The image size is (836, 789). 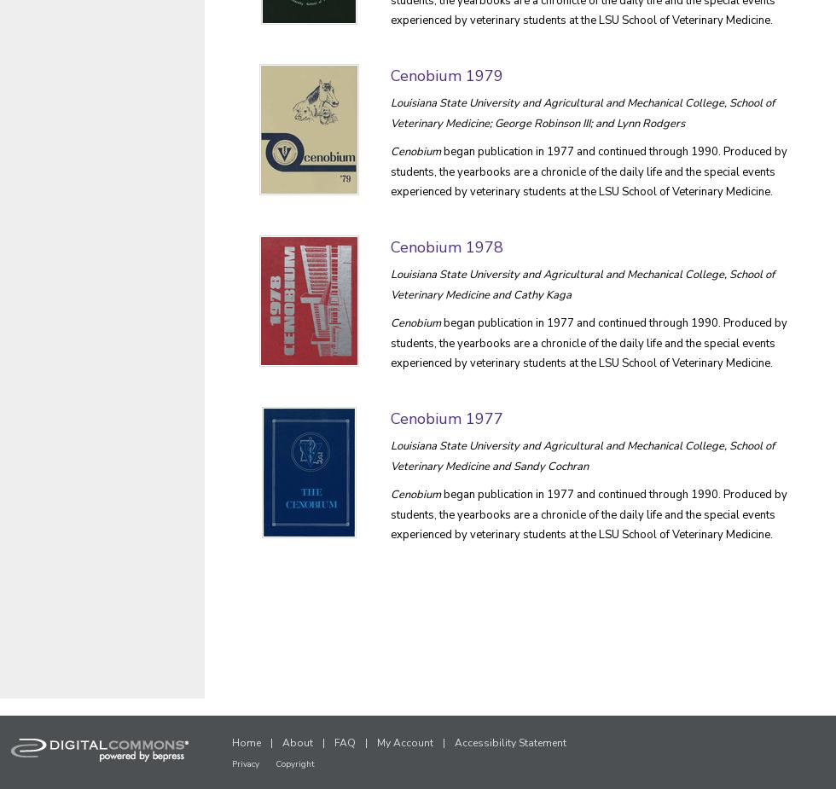 I want to click on 'Louisiana State University and Agricultural and Mechanical College, School of Veterinary Medicine and Sandy Cochran', so click(x=582, y=455).